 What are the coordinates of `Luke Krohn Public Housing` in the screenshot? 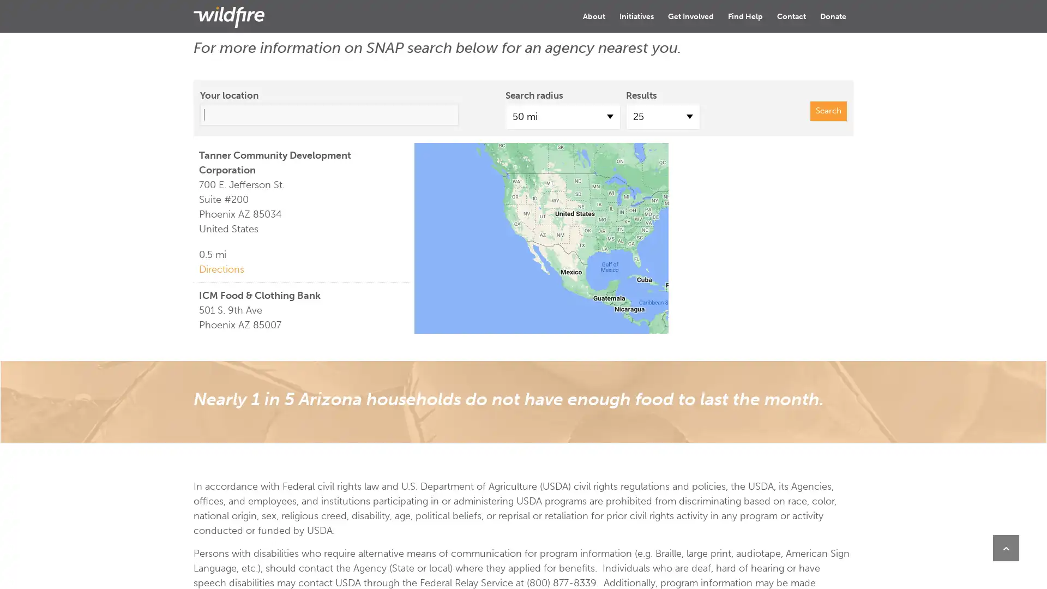 It's located at (641, 226).